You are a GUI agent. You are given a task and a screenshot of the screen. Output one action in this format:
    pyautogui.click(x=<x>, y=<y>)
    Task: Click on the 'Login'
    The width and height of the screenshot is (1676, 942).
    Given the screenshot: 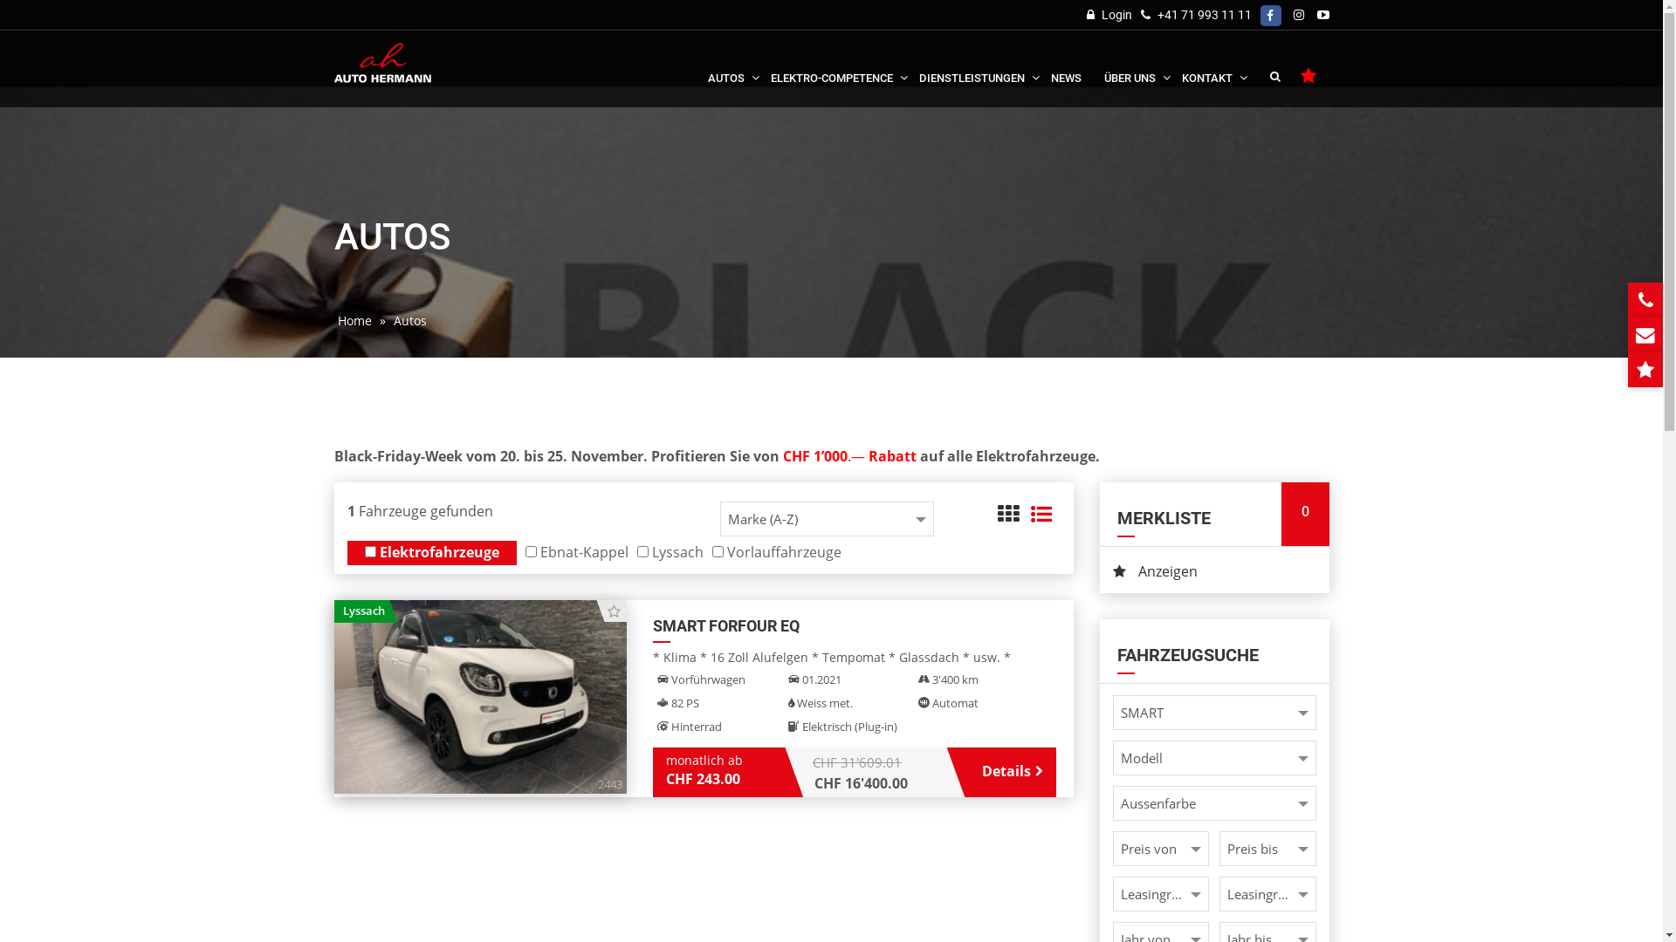 What is the action you would take?
    pyautogui.click(x=1108, y=14)
    